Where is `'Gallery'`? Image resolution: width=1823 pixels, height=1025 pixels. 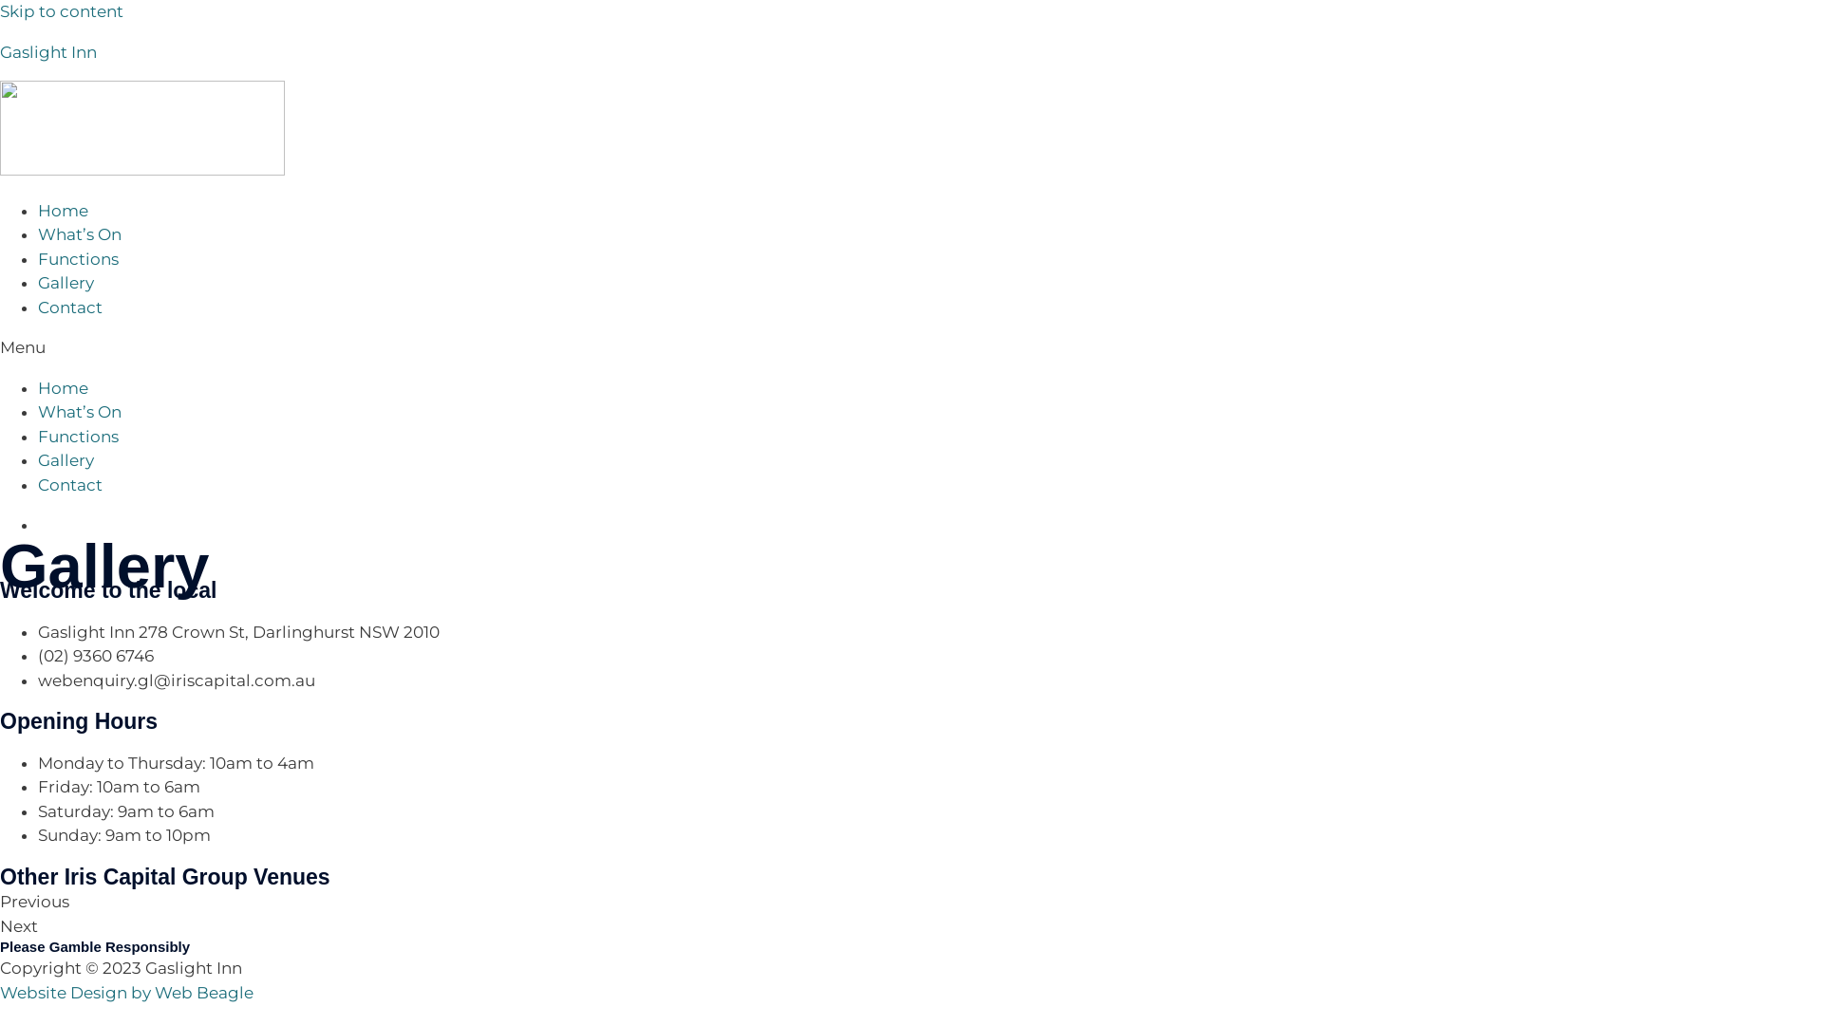 'Gallery' is located at coordinates (66, 460).